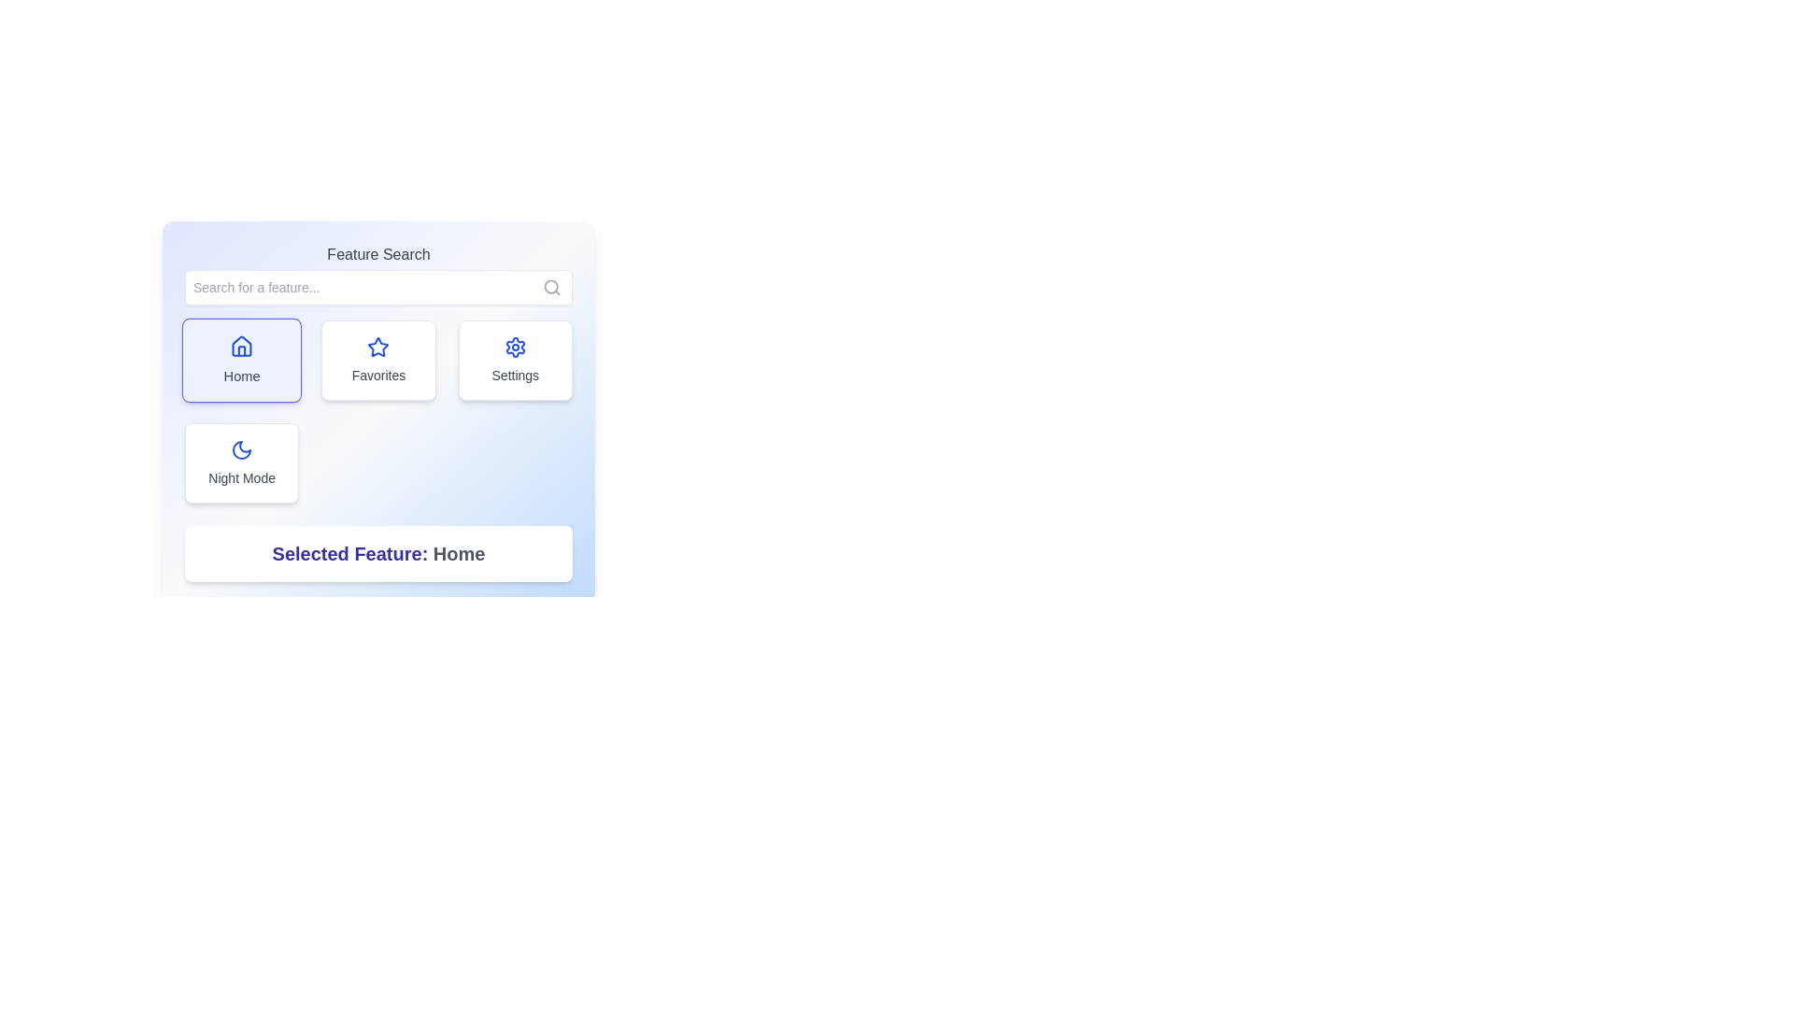 This screenshot has height=1009, width=1794. I want to click on the door shape of the 'Home' icon, which is styled in blue and located within the 'Home' button framed with a blue border in the feature selection area, so click(241, 351).